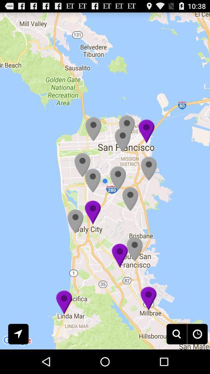 The height and width of the screenshot is (374, 210). What do you see at coordinates (177, 357) in the screenshot?
I see `the search icon` at bounding box center [177, 357].